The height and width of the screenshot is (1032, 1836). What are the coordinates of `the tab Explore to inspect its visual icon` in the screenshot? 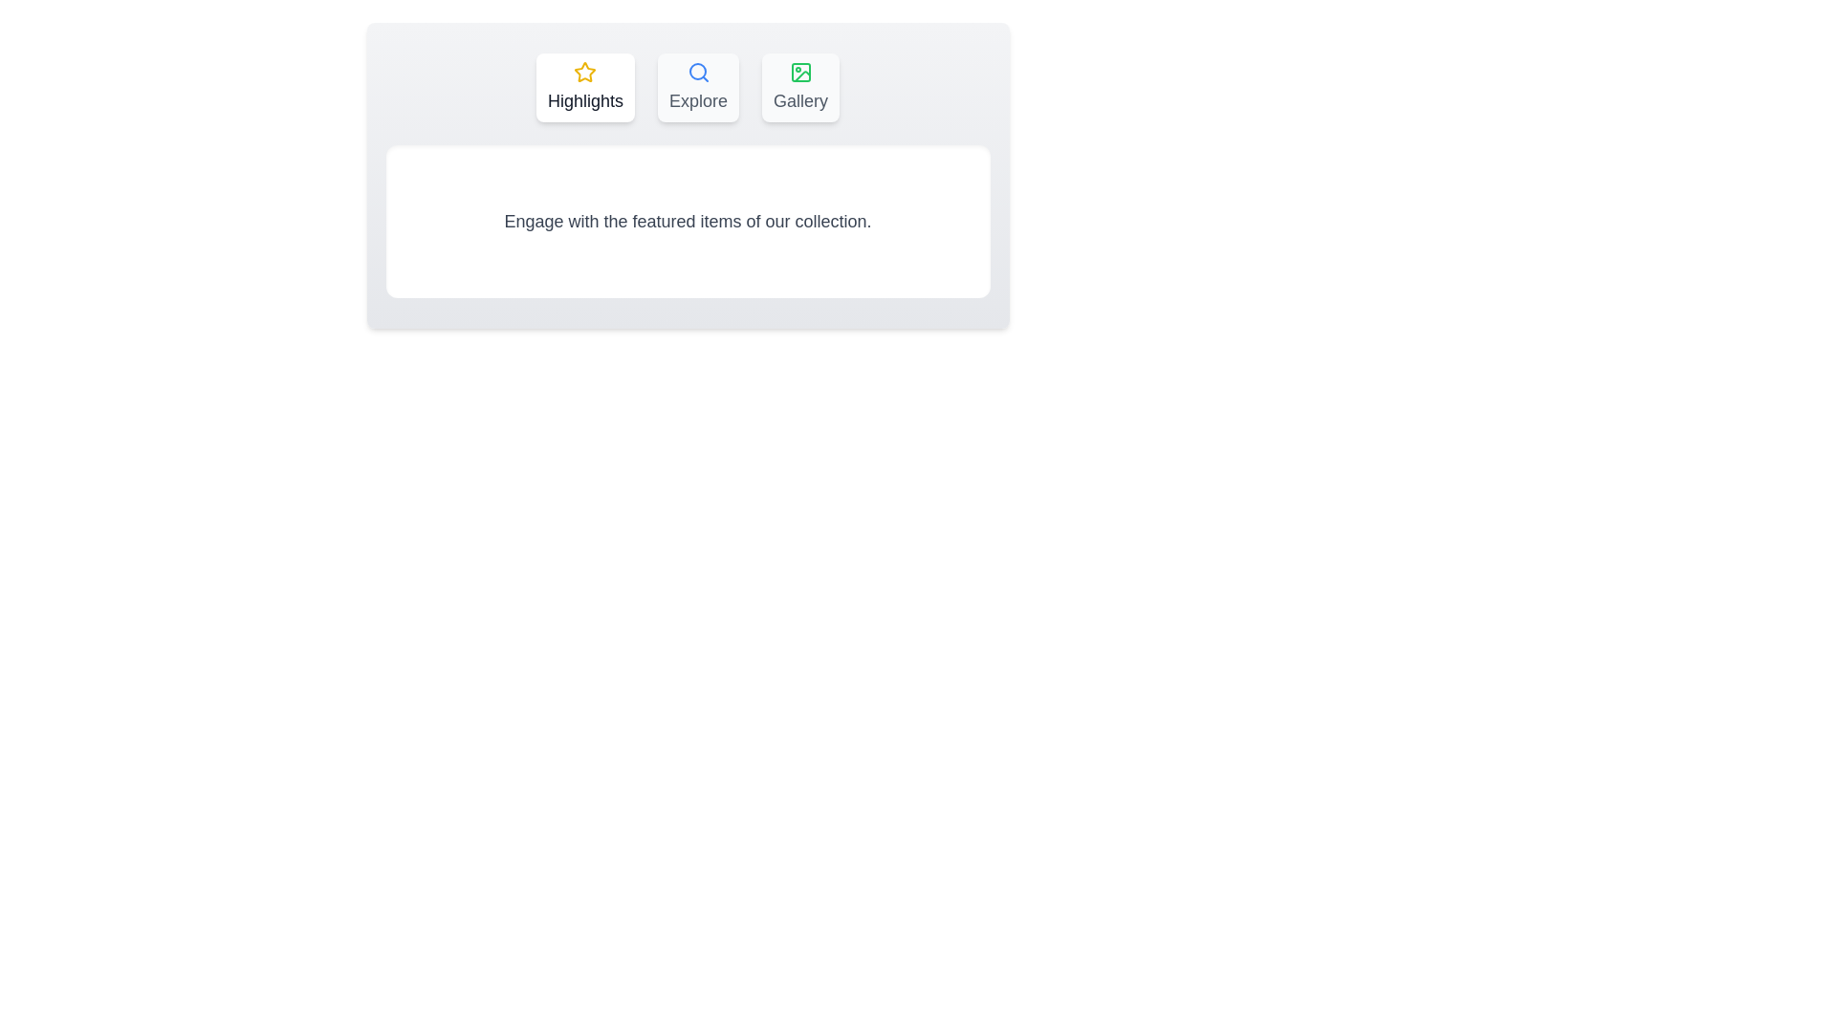 It's located at (697, 88).